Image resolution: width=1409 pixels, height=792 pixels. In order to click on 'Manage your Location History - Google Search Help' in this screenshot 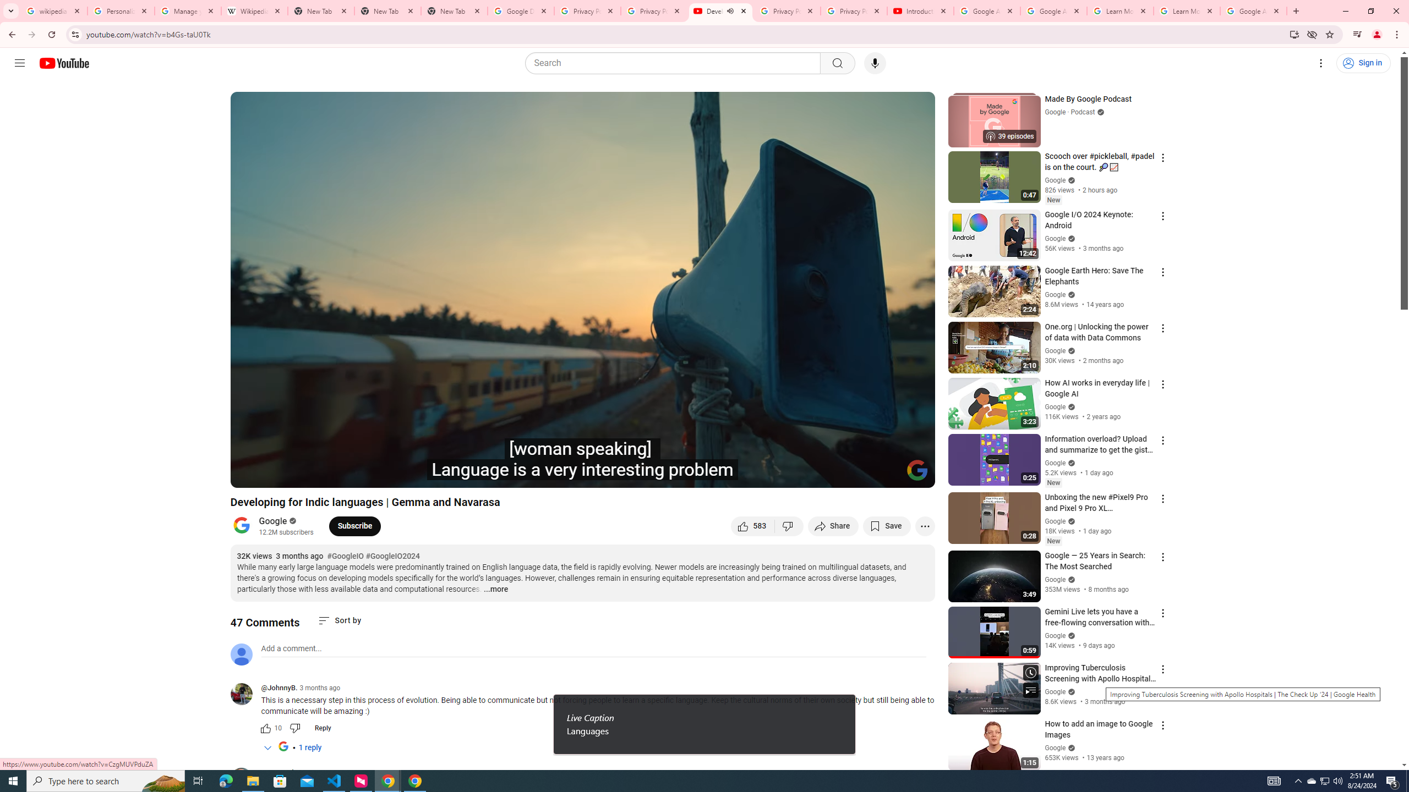, I will do `click(188, 10)`.